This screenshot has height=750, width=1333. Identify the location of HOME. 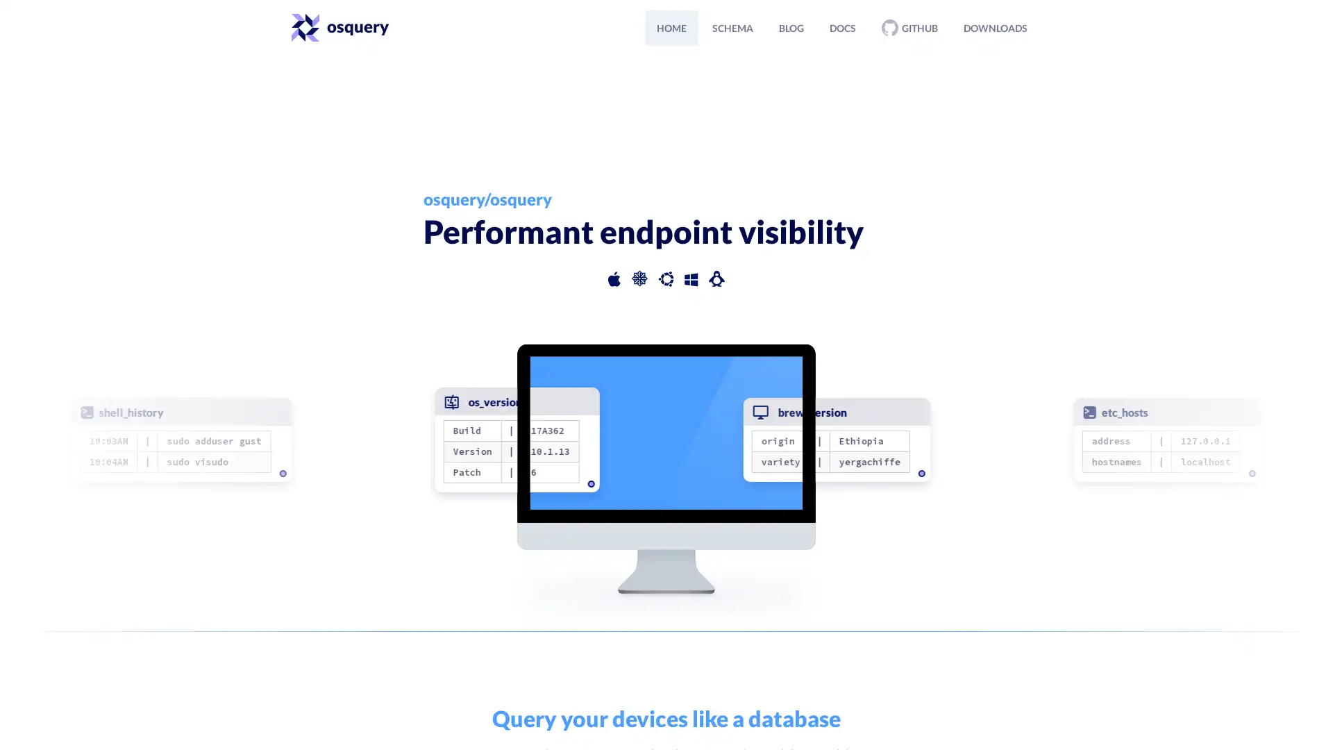
(671, 27).